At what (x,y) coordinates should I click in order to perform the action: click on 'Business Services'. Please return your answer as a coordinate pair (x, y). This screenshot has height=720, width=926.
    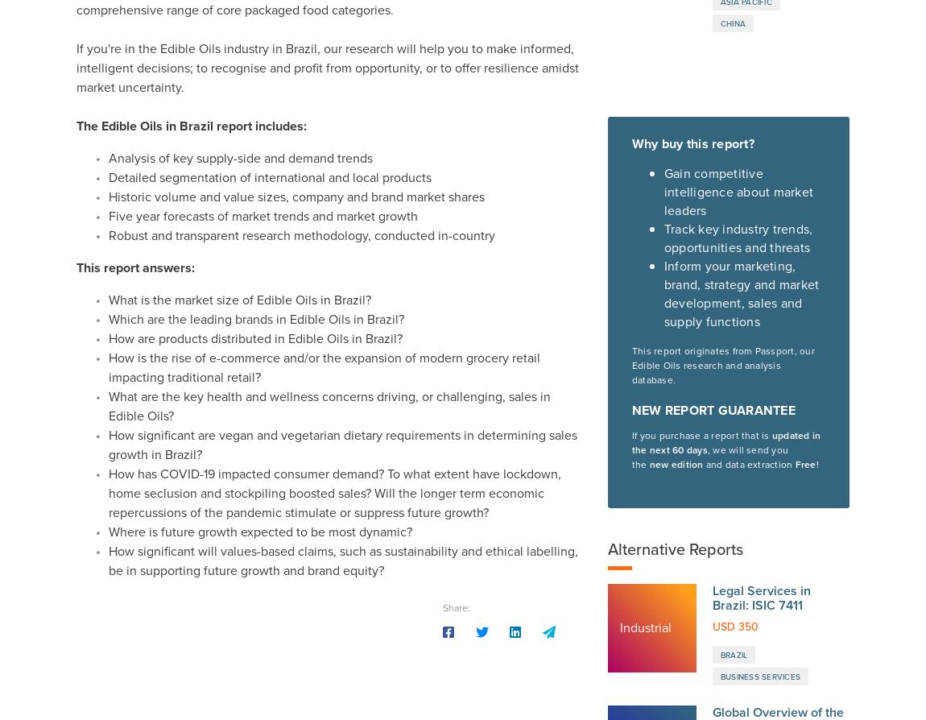
    Looking at the image, I should click on (760, 152).